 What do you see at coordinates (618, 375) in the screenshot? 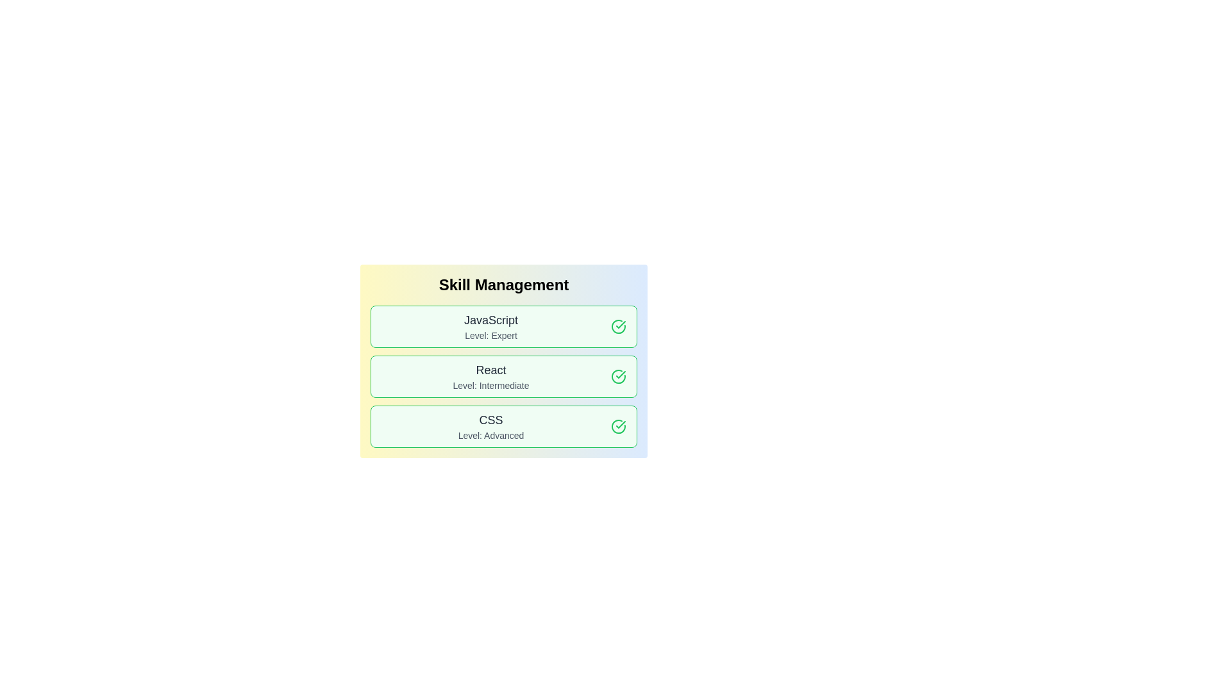
I see `deactivate button for the skill React` at bounding box center [618, 375].